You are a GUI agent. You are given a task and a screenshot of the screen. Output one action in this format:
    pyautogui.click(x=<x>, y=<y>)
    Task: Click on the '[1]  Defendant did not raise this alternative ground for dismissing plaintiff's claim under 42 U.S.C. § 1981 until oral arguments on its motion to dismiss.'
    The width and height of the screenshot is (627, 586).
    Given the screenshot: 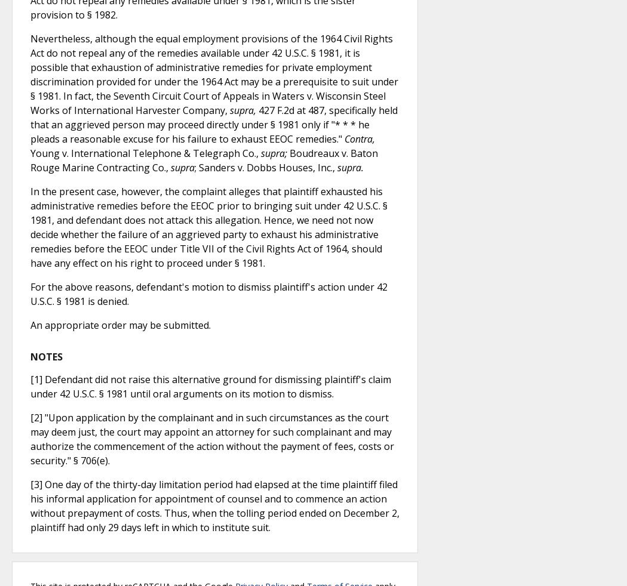 What is the action you would take?
    pyautogui.click(x=30, y=386)
    